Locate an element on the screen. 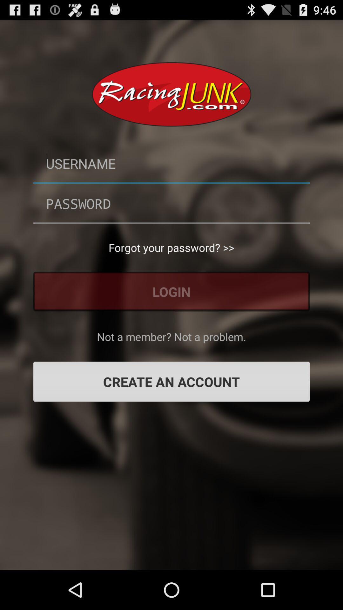 Image resolution: width=343 pixels, height=610 pixels. the login button is located at coordinates (171, 291).